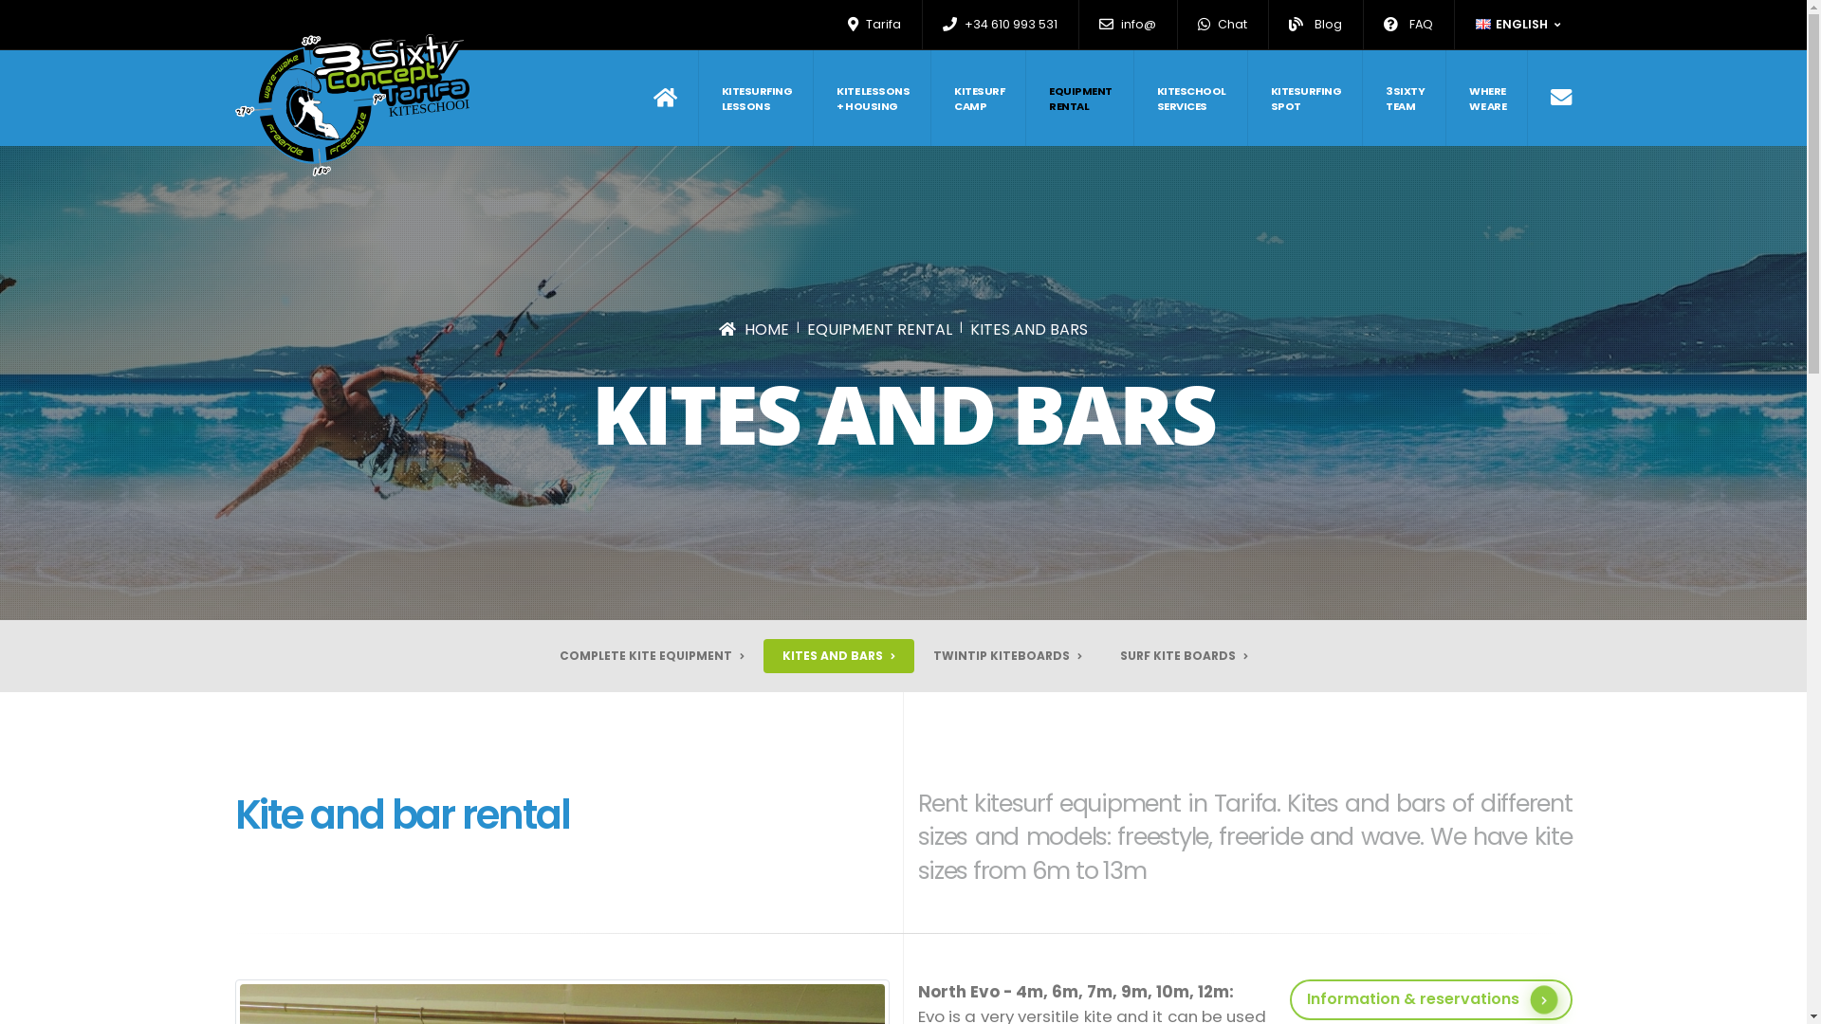  What do you see at coordinates (1191, 98) in the screenshot?
I see `'KITESCHOOL SERVICES'` at bounding box center [1191, 98].